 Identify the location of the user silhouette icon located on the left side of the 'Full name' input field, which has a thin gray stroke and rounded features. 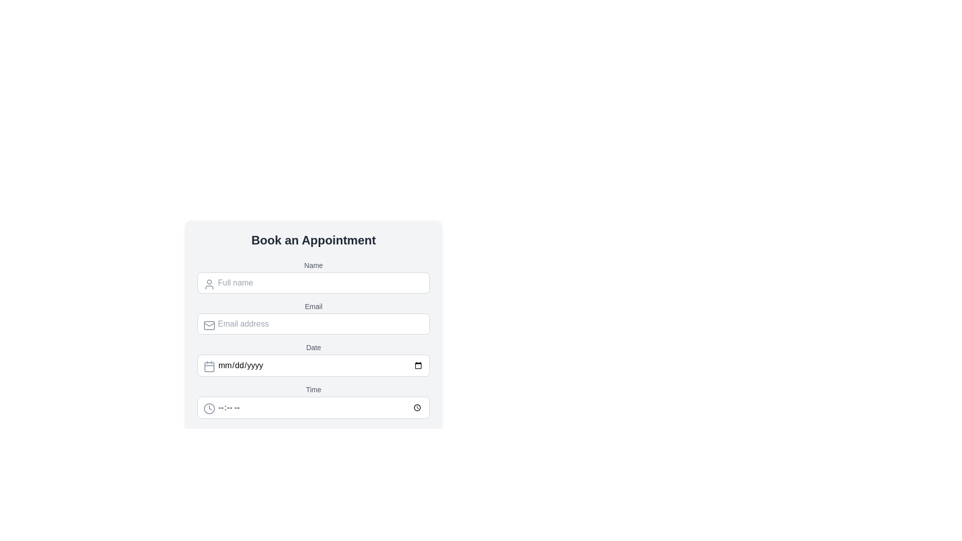
(208, 284).